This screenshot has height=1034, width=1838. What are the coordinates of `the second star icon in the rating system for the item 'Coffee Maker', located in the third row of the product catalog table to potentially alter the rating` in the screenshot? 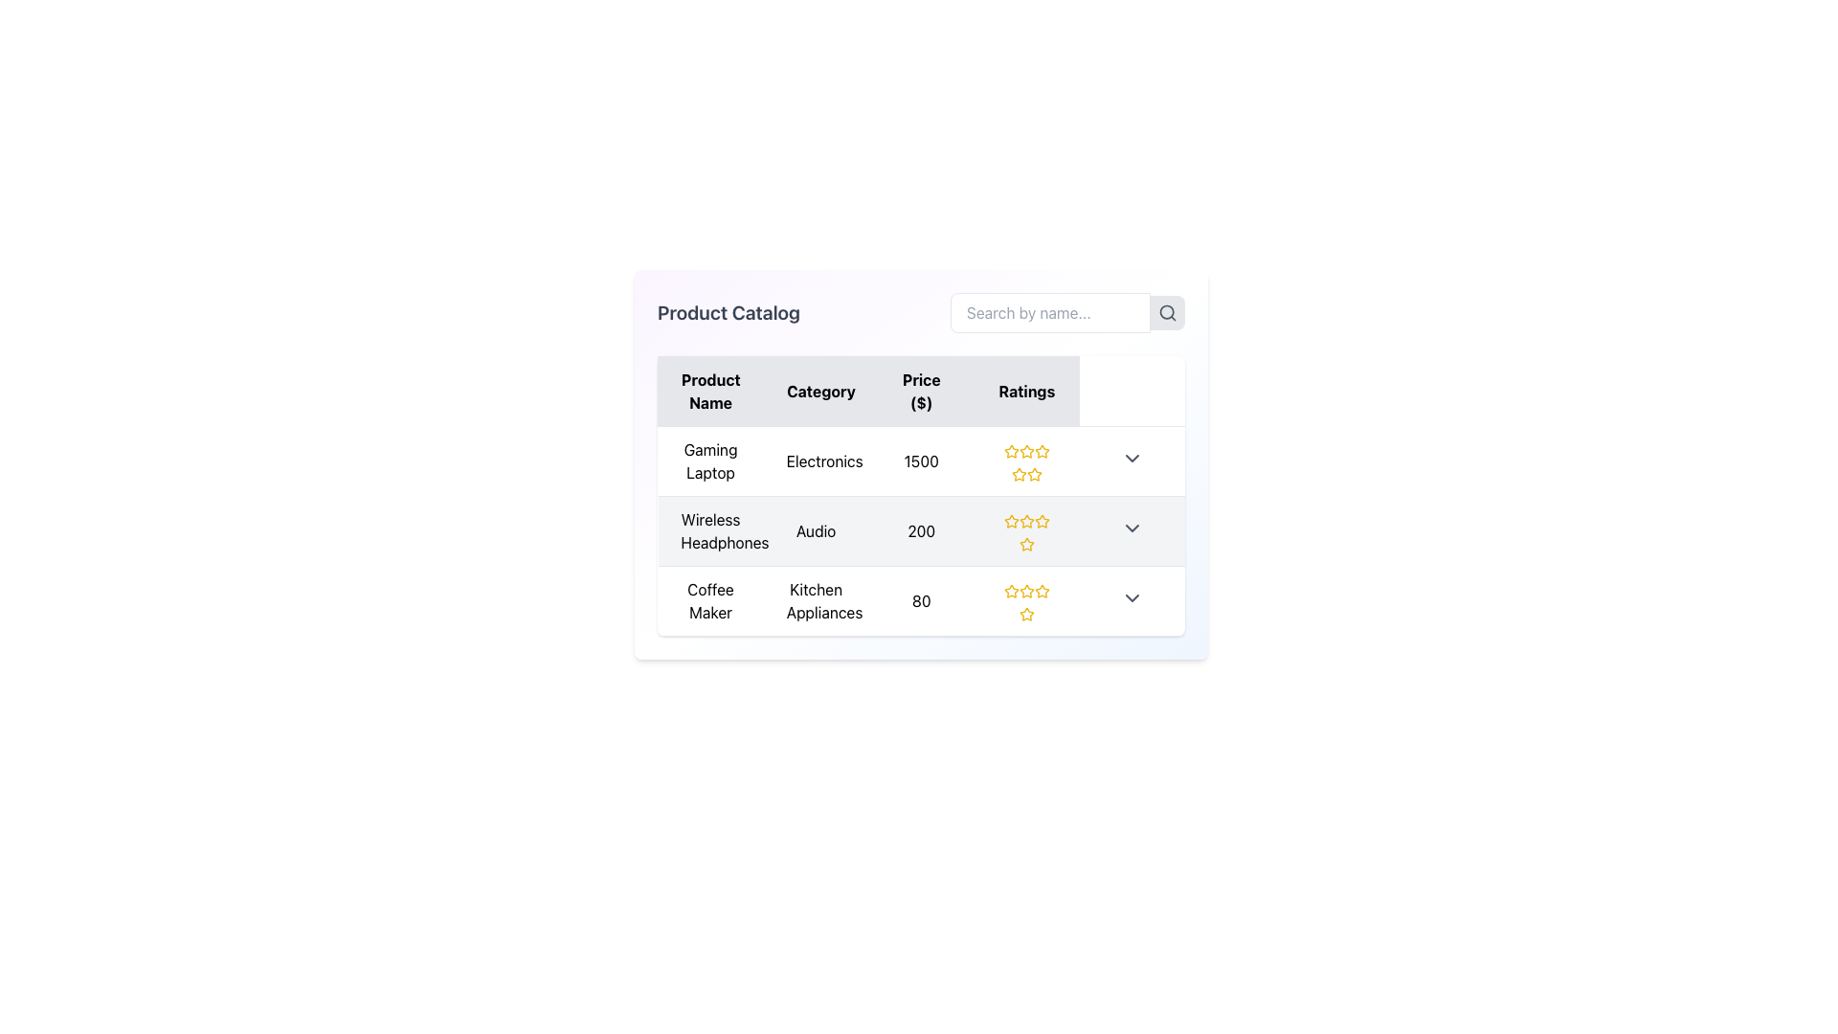 It's located at (1041, 590).